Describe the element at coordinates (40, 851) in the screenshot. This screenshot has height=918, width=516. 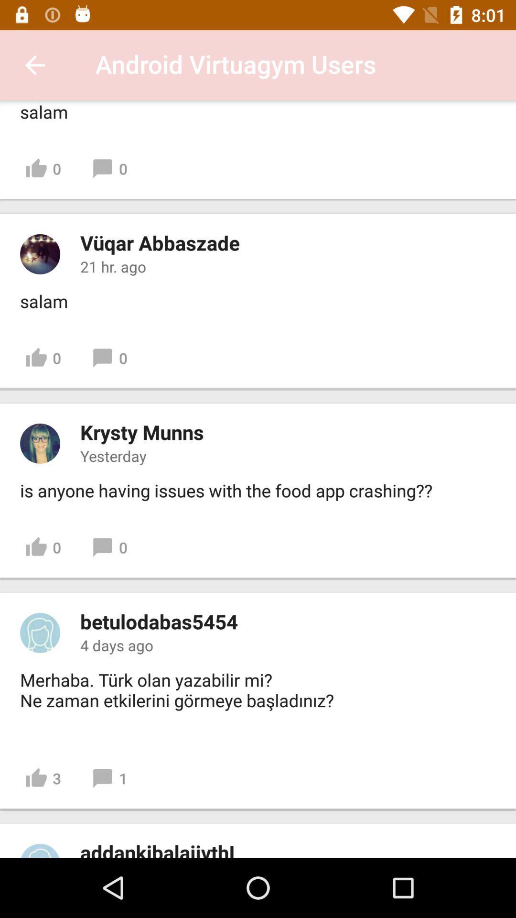
I see `profile` at that location.